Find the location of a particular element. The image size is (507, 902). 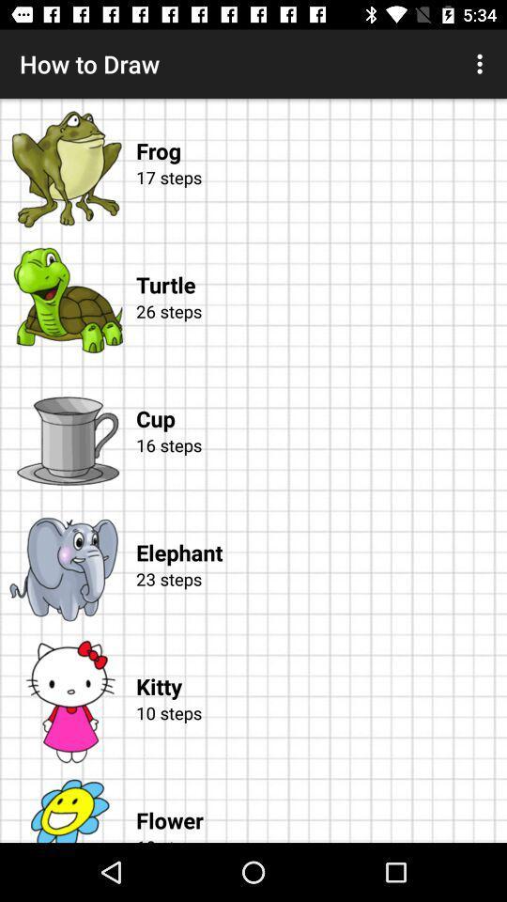

the 16 steps is located at coordinates (317, 466).